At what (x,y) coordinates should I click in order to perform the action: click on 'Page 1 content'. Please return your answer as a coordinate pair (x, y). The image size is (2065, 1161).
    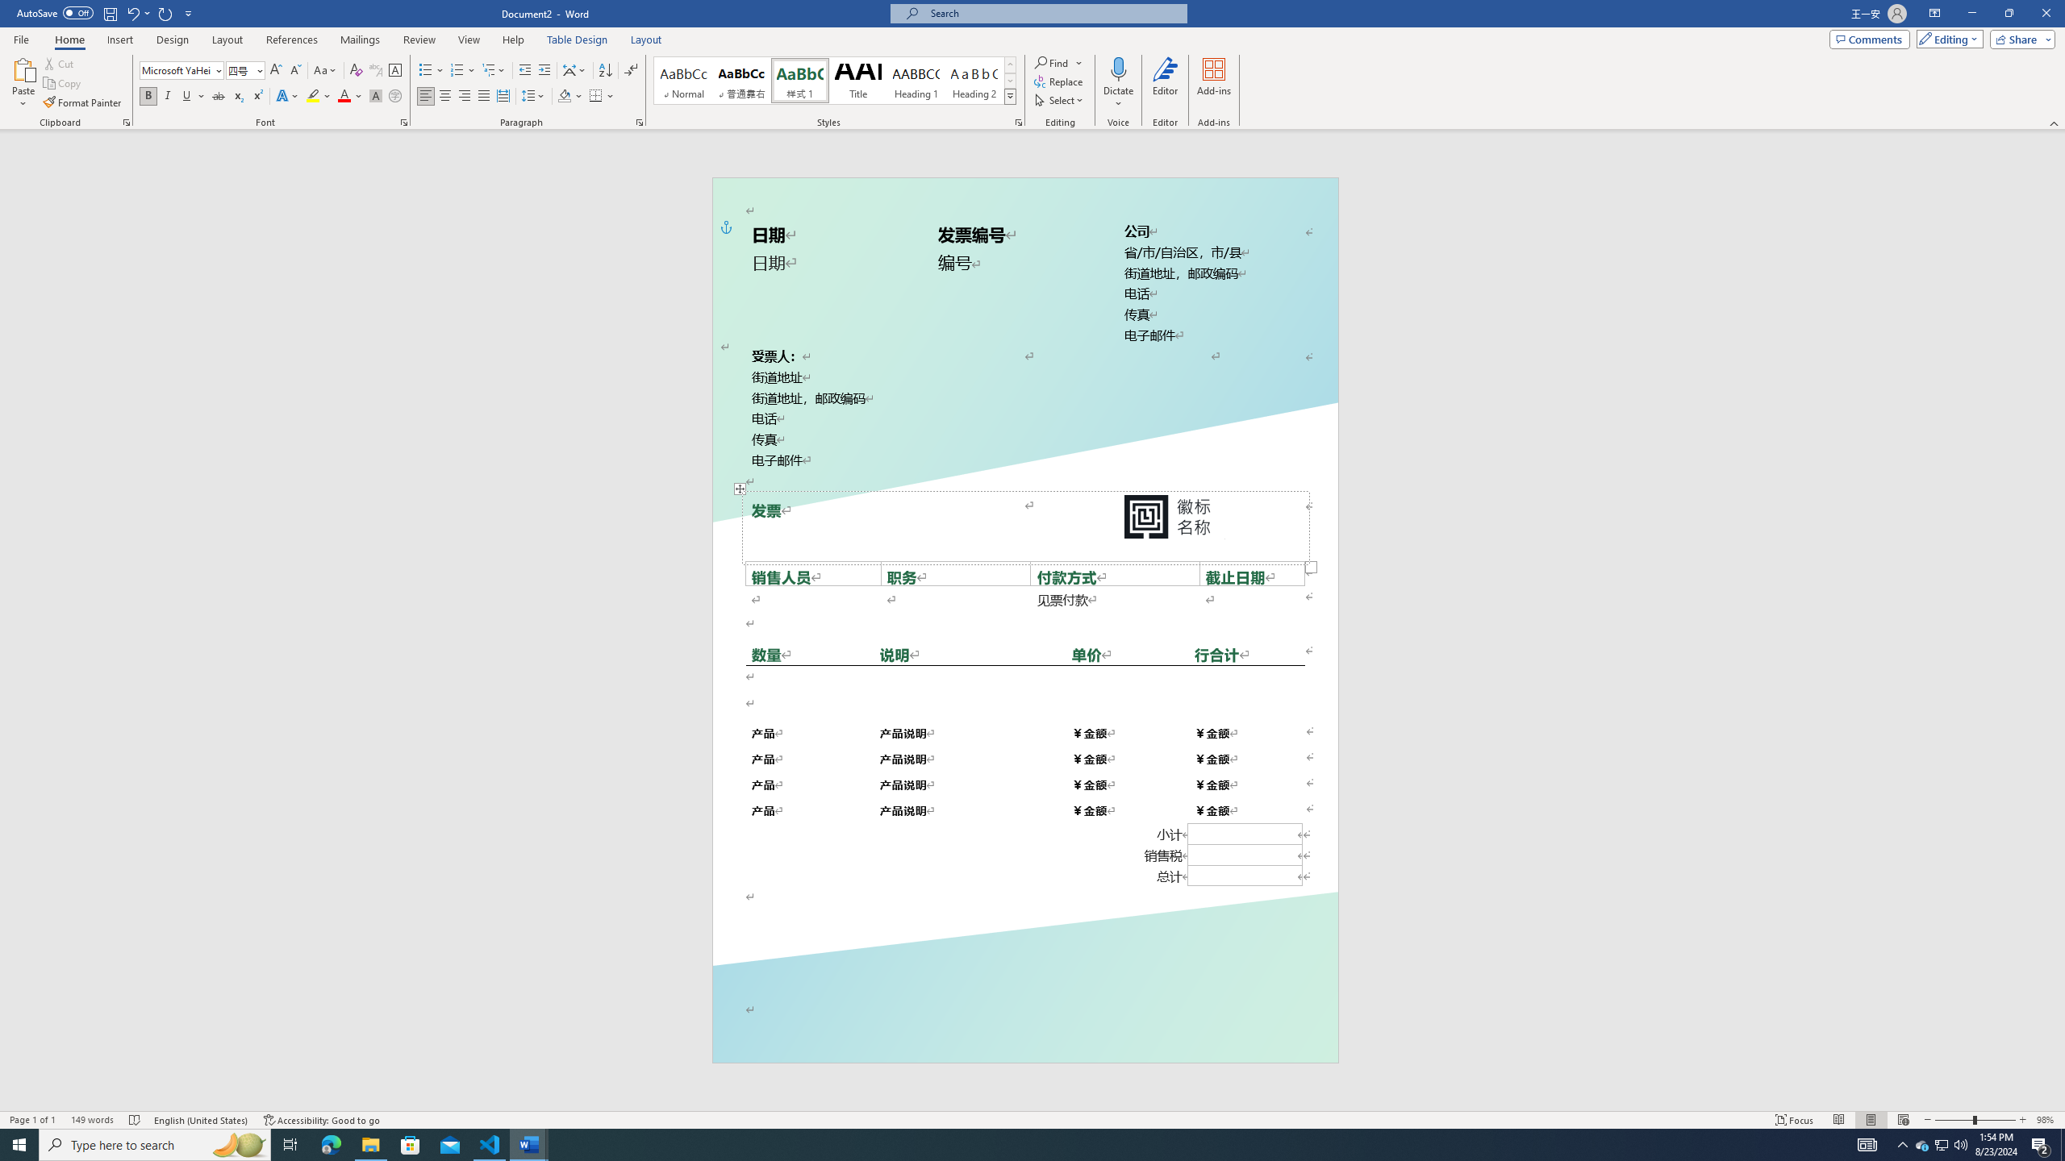
    Looking at the image, I should click on (1025, 603).